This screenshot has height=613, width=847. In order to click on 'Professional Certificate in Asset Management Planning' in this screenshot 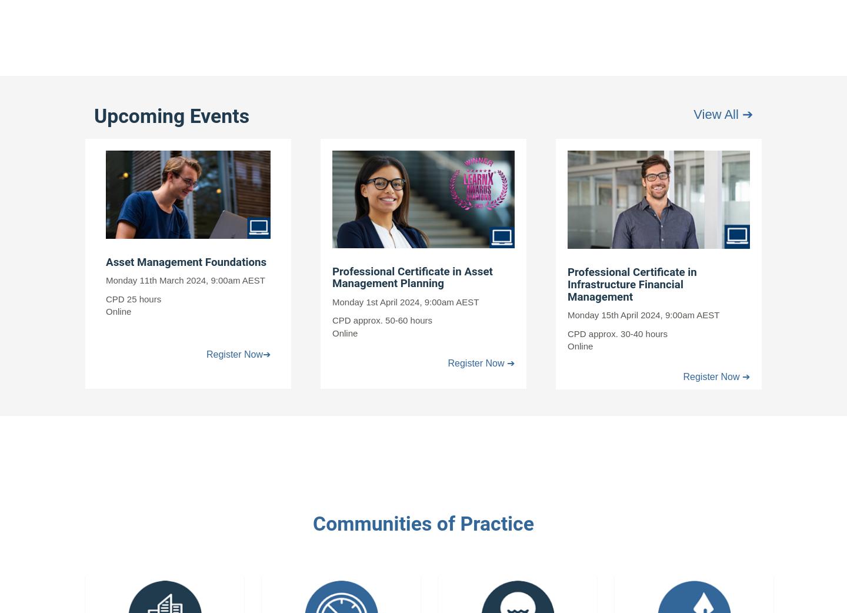, I will do `click(412, 277)`.